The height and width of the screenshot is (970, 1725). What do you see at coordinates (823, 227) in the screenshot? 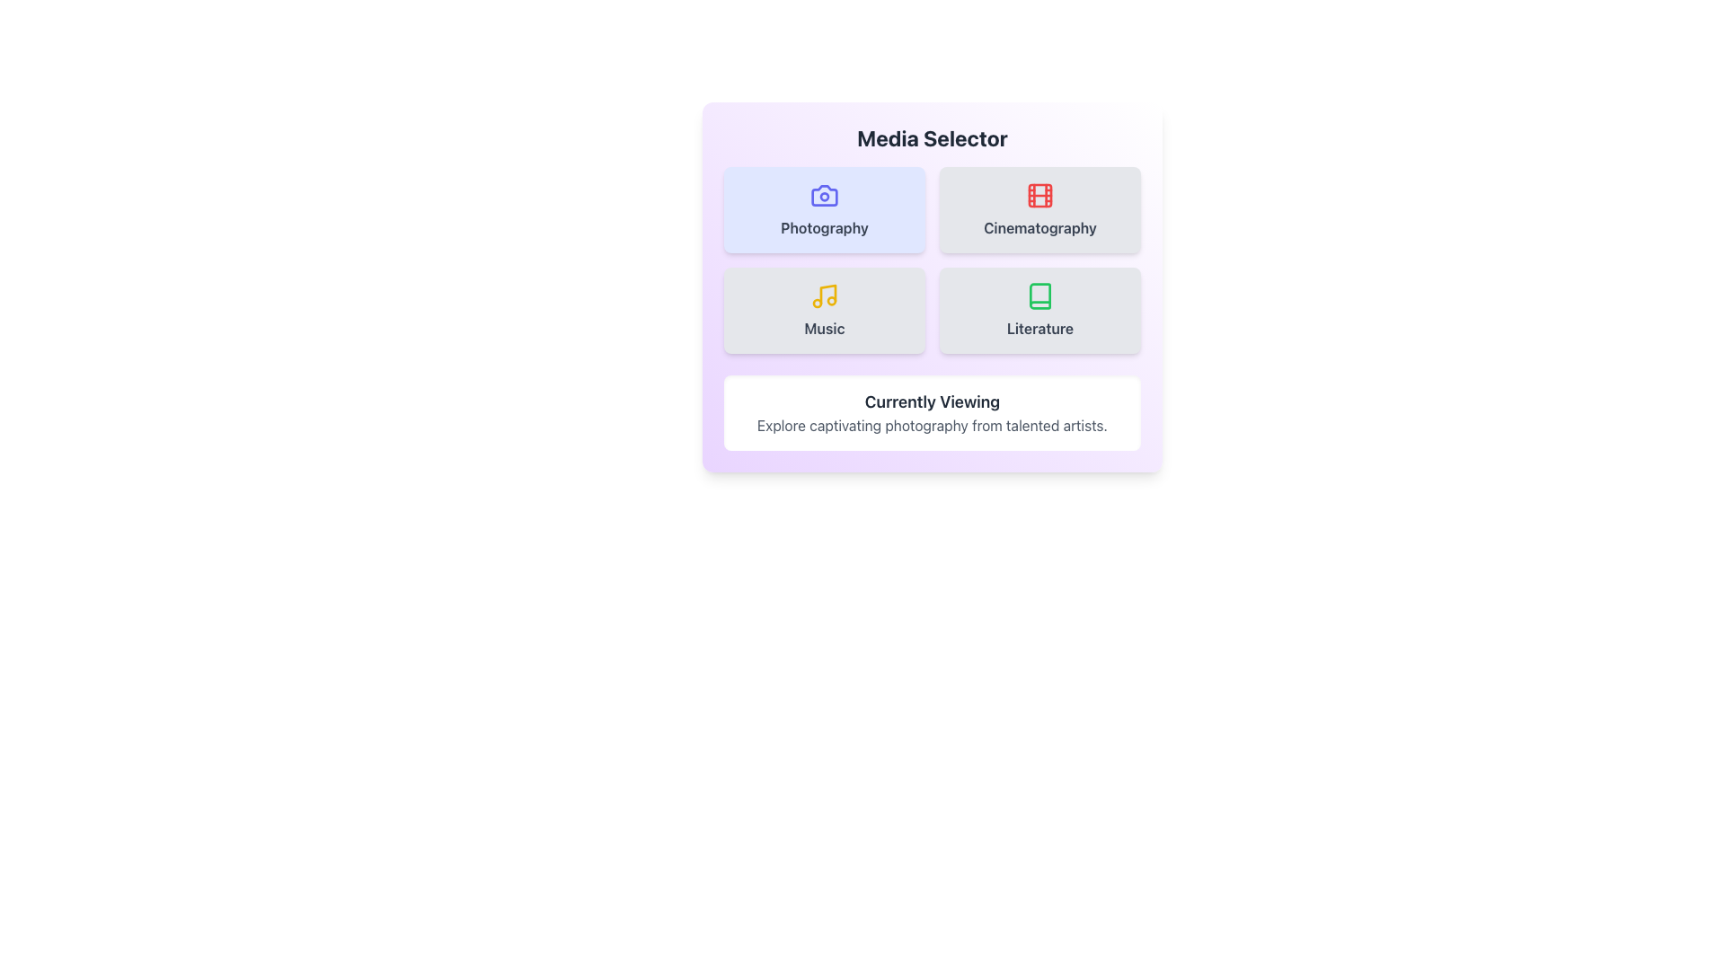
I see `text label displaying 'Photography' in bold gray color located below the camera icon in the Photography card` at bounding box center [823, 227].